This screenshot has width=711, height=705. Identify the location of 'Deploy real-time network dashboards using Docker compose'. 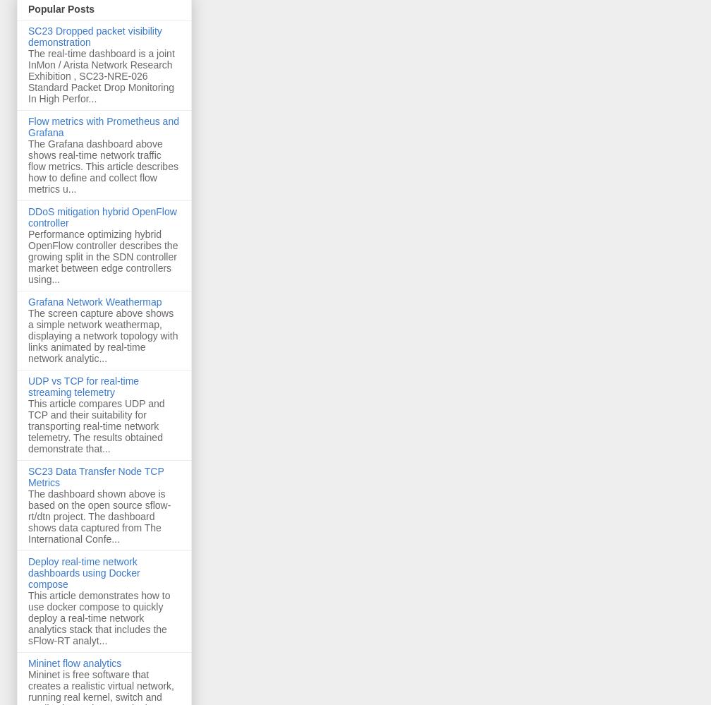
(84, 572).